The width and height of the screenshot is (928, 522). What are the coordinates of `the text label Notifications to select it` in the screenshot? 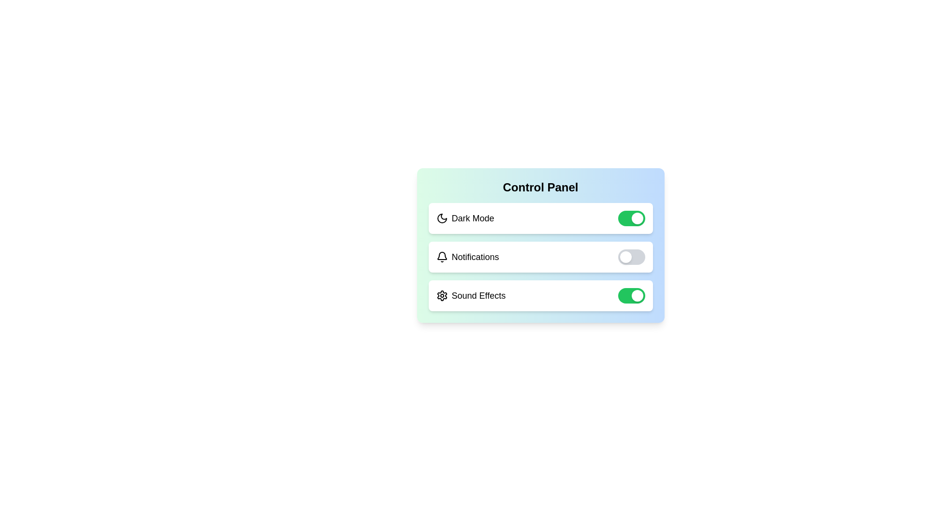 It's located at (475, 257).